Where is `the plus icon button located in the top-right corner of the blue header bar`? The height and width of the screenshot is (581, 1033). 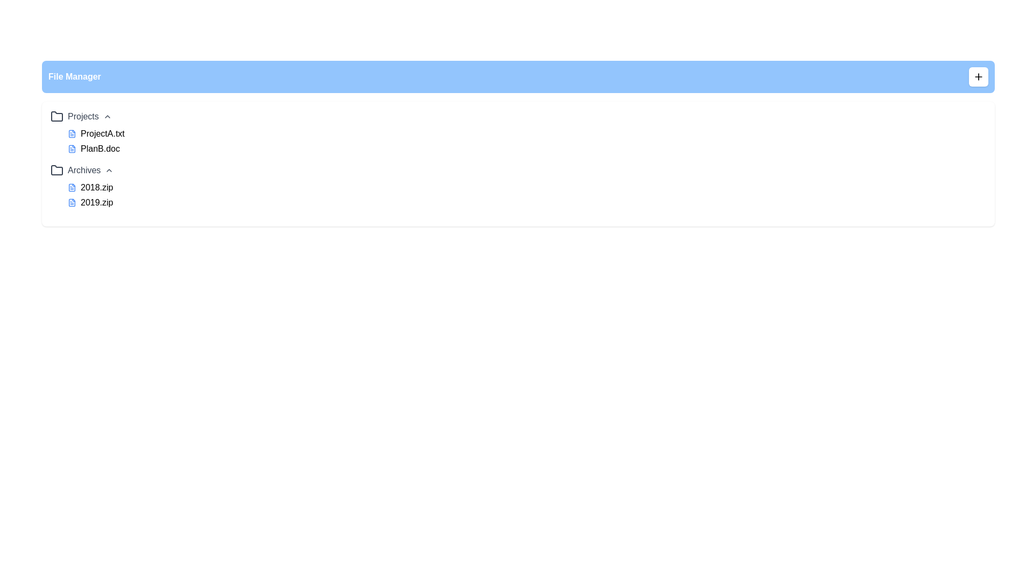 the plus icon button located in the top-right corner of the blue header bar is located at coordinates (979, 76).